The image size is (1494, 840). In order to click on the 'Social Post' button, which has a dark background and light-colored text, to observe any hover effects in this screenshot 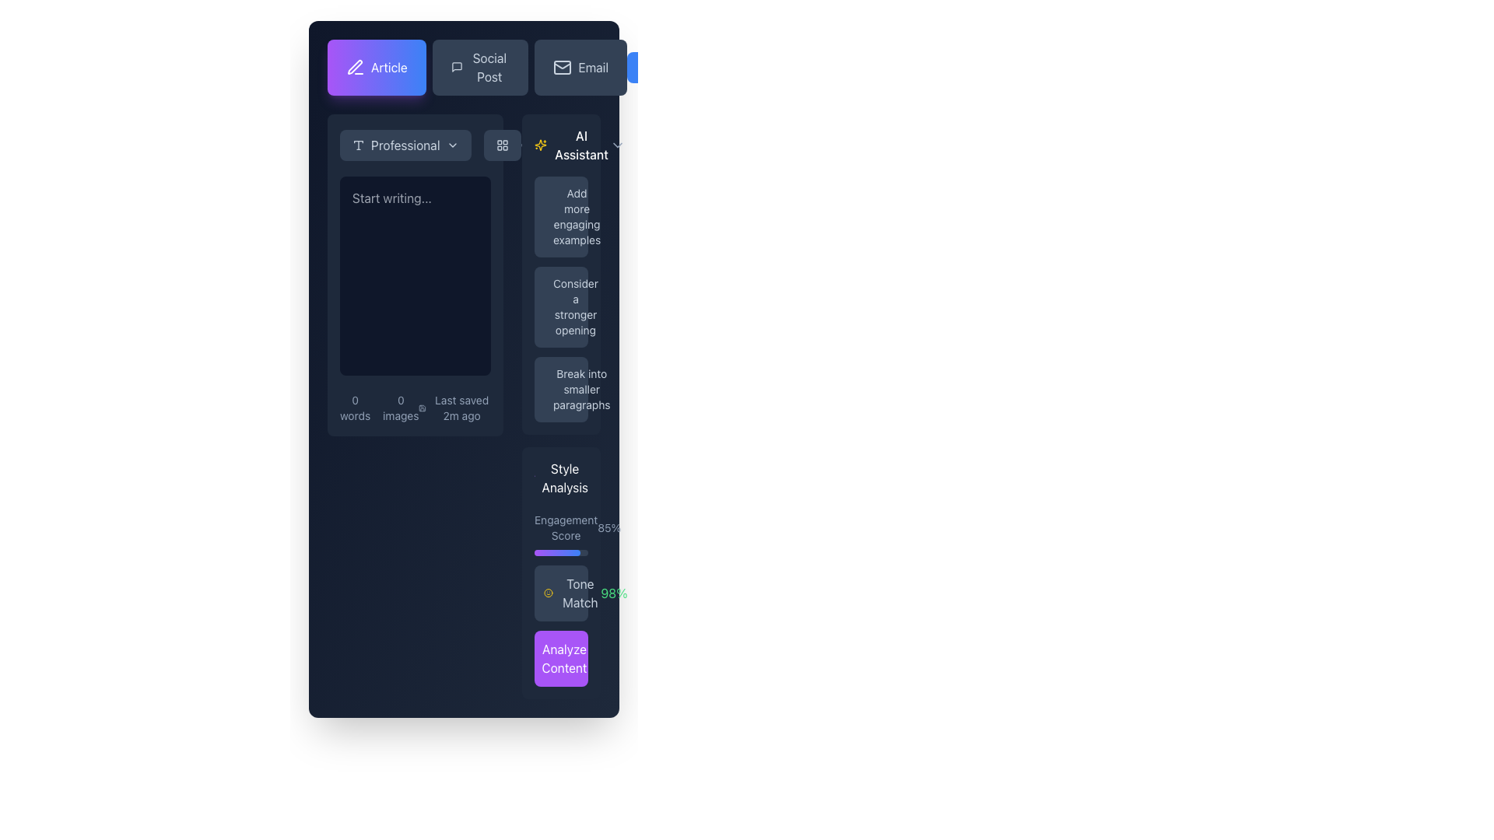, I will do `click(476, 67)`.